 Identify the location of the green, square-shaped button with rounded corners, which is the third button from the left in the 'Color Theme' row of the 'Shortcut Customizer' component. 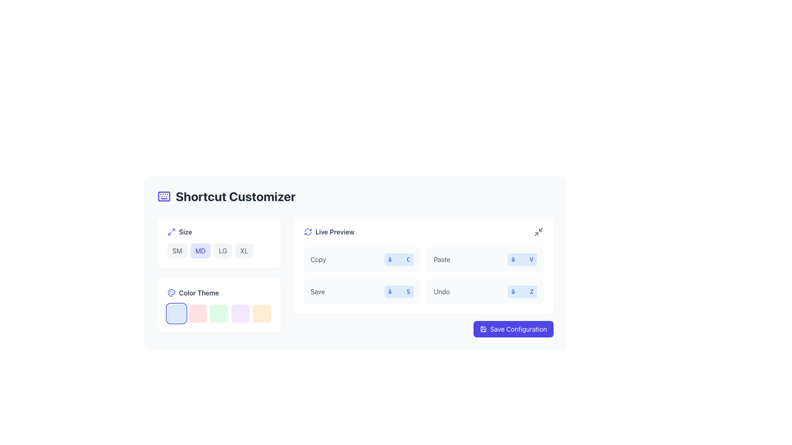
(219, 313).